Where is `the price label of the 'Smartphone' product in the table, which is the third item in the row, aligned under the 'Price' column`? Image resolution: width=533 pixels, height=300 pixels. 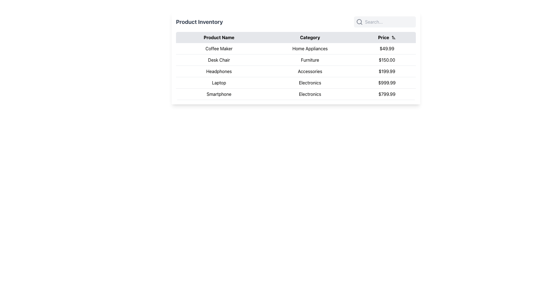
the price label of the 'Smartphone' product in the table, which is the third item in the row, aligned under the 'Price' column is located at coordinates (386, 94).